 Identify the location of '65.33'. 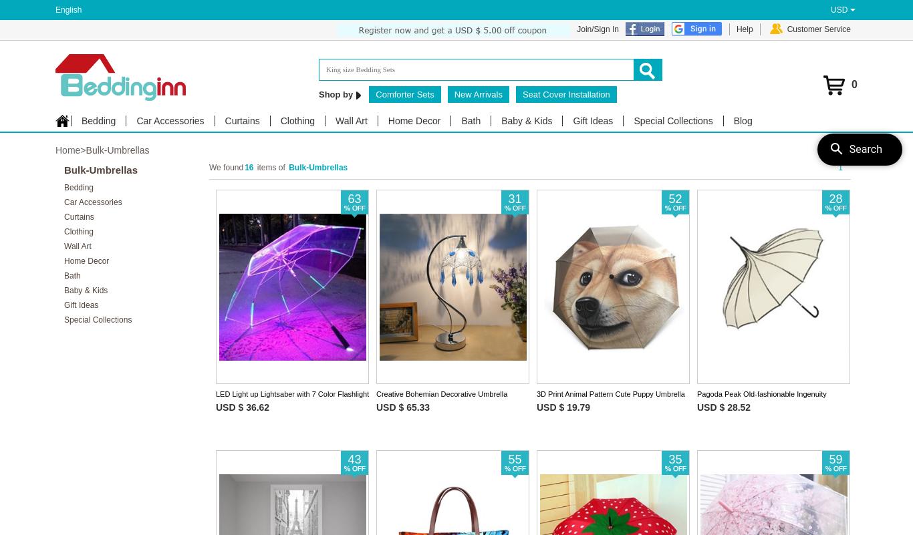
(406, 407).